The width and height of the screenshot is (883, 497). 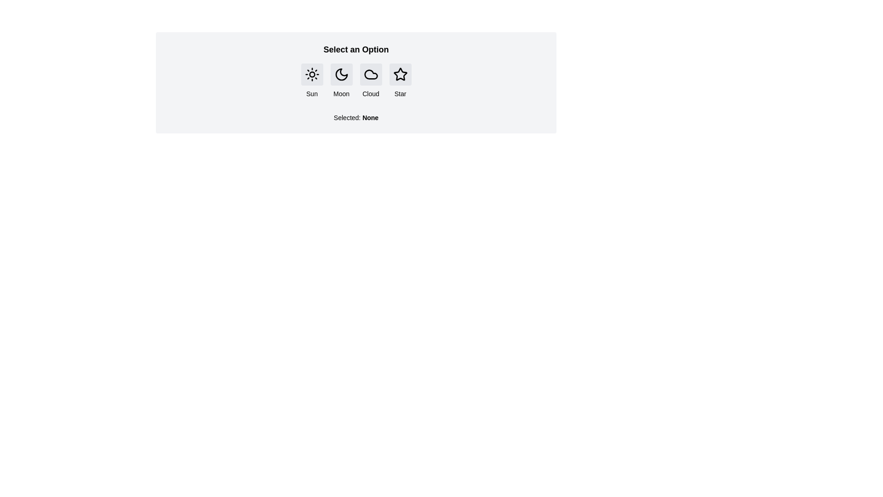 I want to click on the crescent moon icon button, which is the second icon in a row of four buttons labeled 'Sun,' 'Moon,' 'Cloud,' and 'Star', so click(x=341, y=74).